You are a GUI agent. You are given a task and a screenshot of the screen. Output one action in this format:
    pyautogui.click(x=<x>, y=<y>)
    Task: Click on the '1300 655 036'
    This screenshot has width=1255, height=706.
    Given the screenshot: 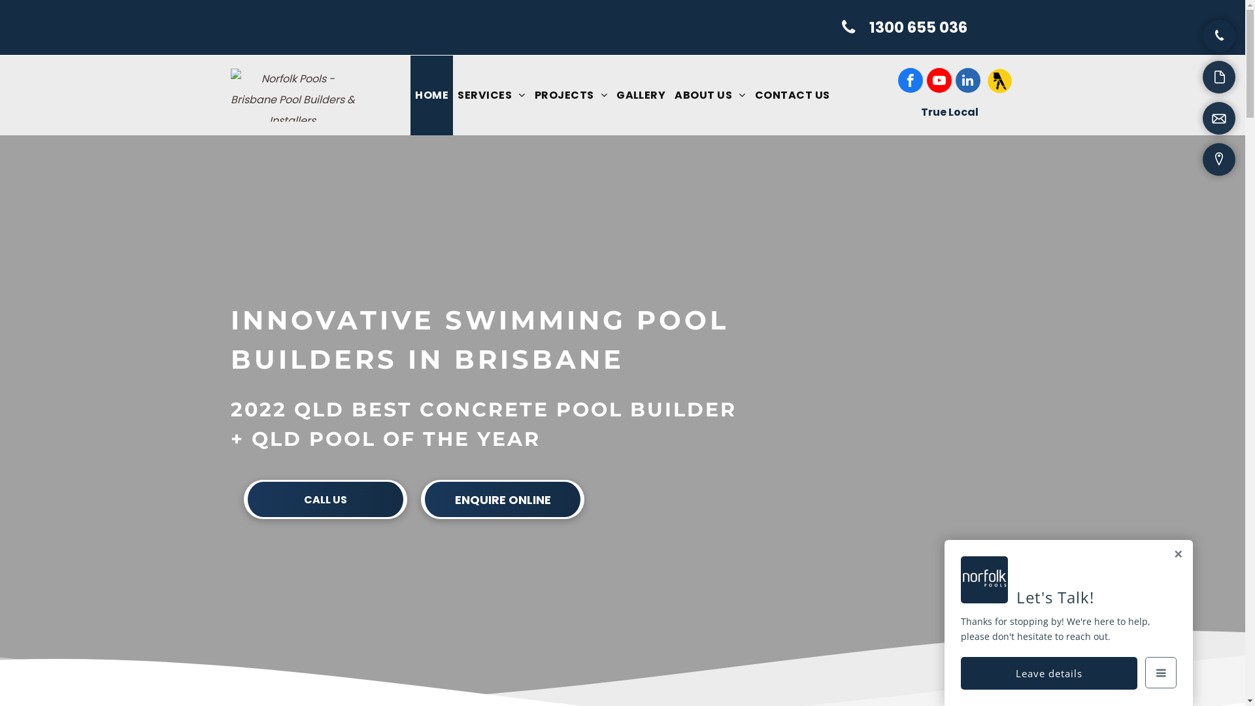 What is the action you would take?
    pyautogui.click(x=905, y=27)
    